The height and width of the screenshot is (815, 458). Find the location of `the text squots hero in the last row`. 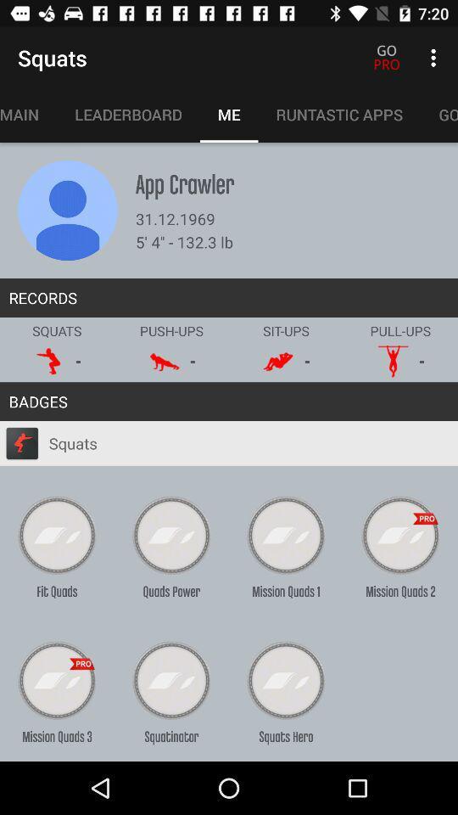

the text squots hero in the last row is located at coordinates (286, 680).